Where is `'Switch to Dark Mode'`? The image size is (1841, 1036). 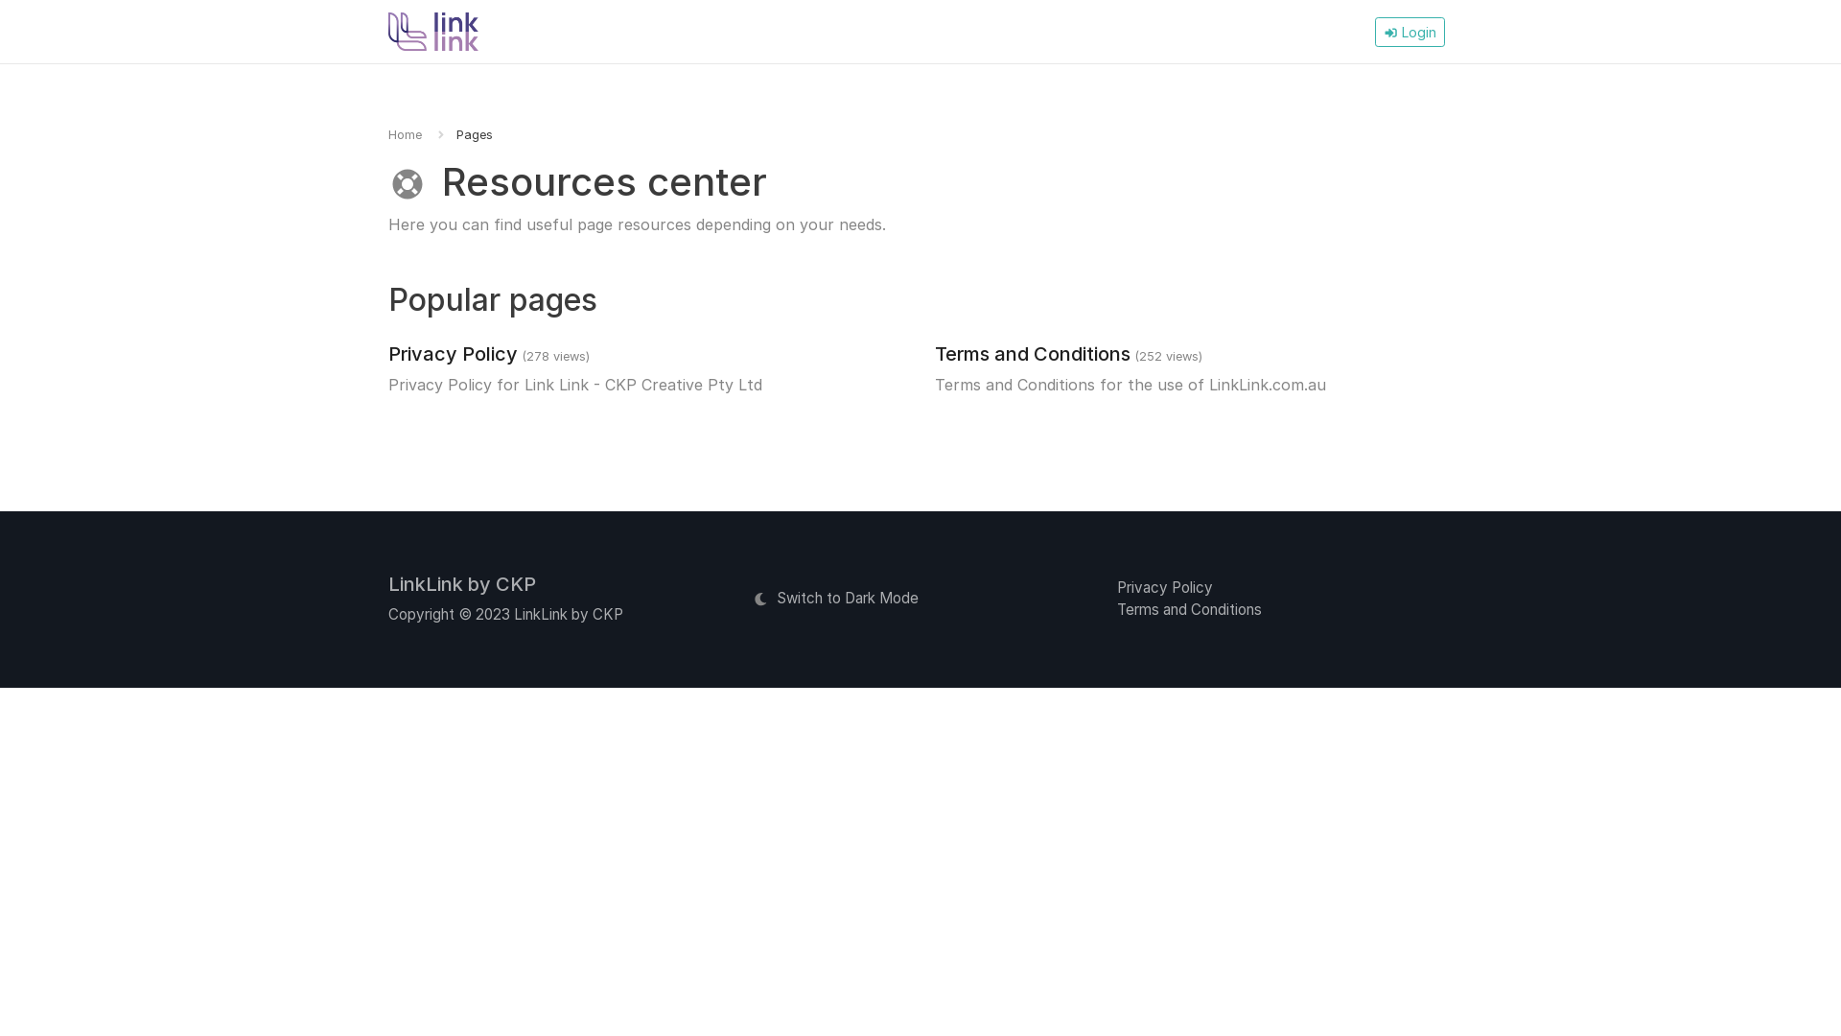 'Switch to Dark Mode' is located at coordinates (835, 597).